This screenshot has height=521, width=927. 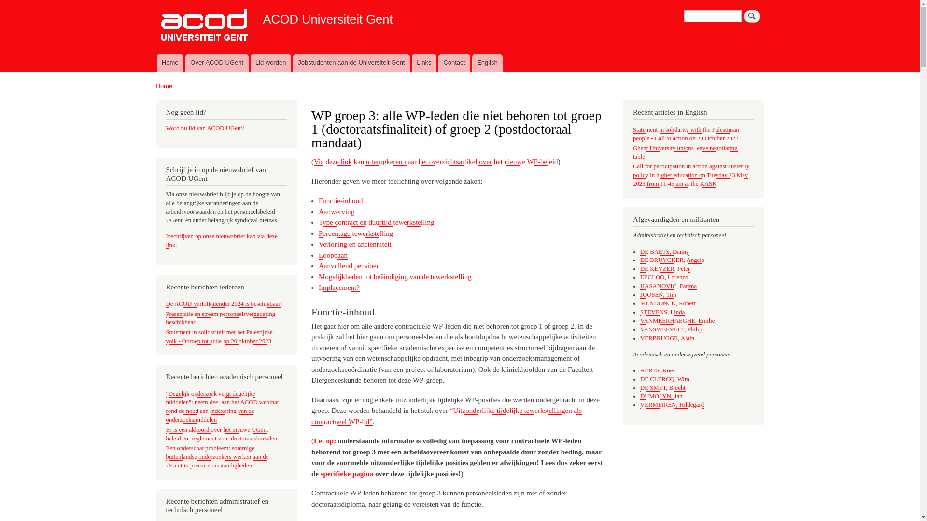 I want to click on 'Type contract en duurtijd tewerkstelling', so click(x=376, y=222).